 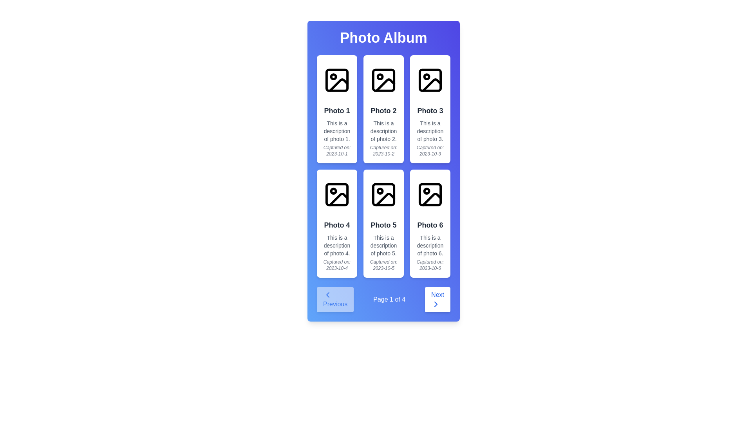 I want to click on the small circular graphic located in the upper left corner of the 'Photo 5' thumbnail icon, so click(x=380, y=191).